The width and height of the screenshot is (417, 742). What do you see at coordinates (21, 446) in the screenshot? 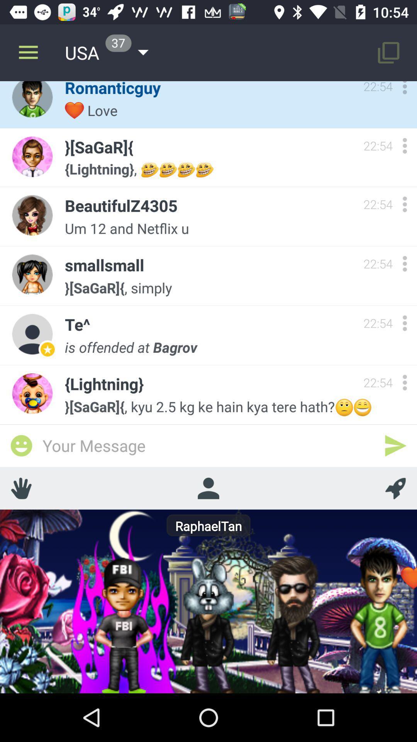
I see `emoji icon` at bounding box center [21, 446].